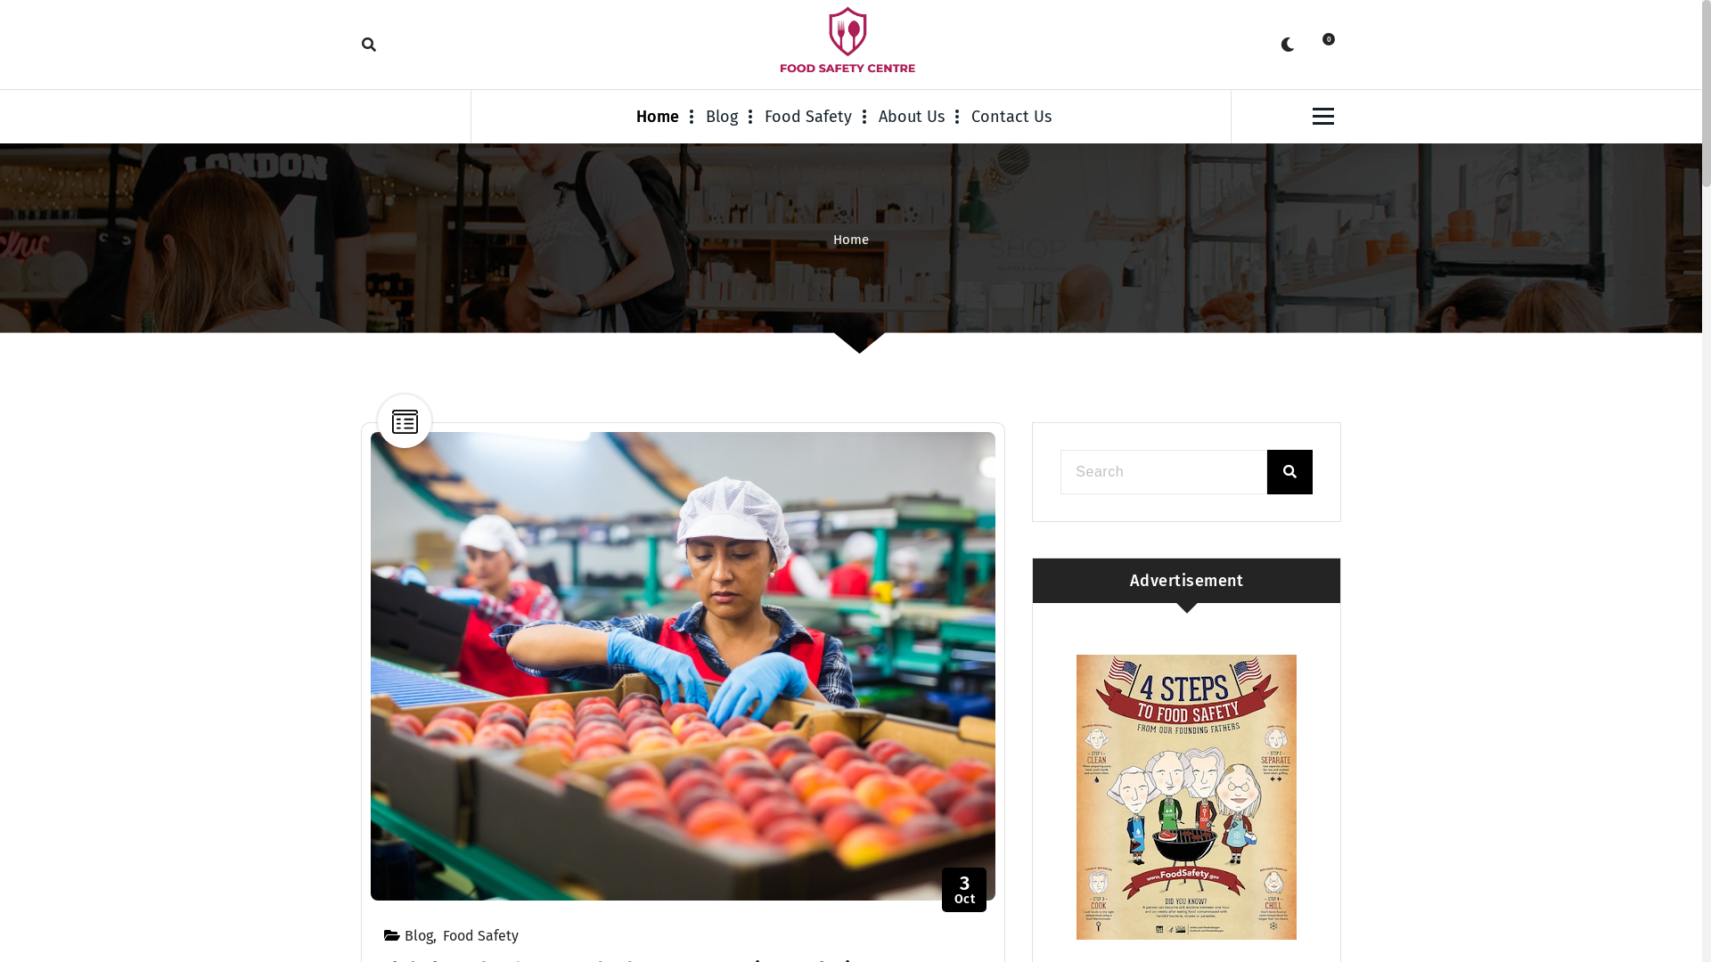 Image resolution: width=1711 pixels, height=962 pixels. I want to click on 'Food Safety', so click(807, 117).